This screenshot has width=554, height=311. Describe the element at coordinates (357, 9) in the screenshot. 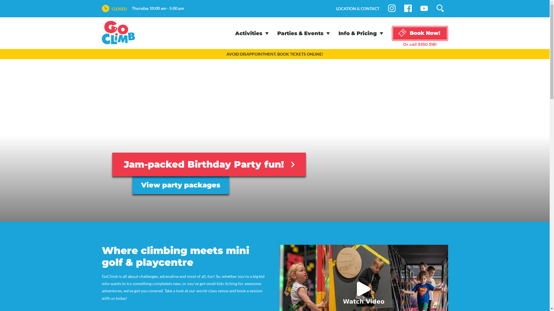

I see `'LOCATION & CONTACT'` at that location.